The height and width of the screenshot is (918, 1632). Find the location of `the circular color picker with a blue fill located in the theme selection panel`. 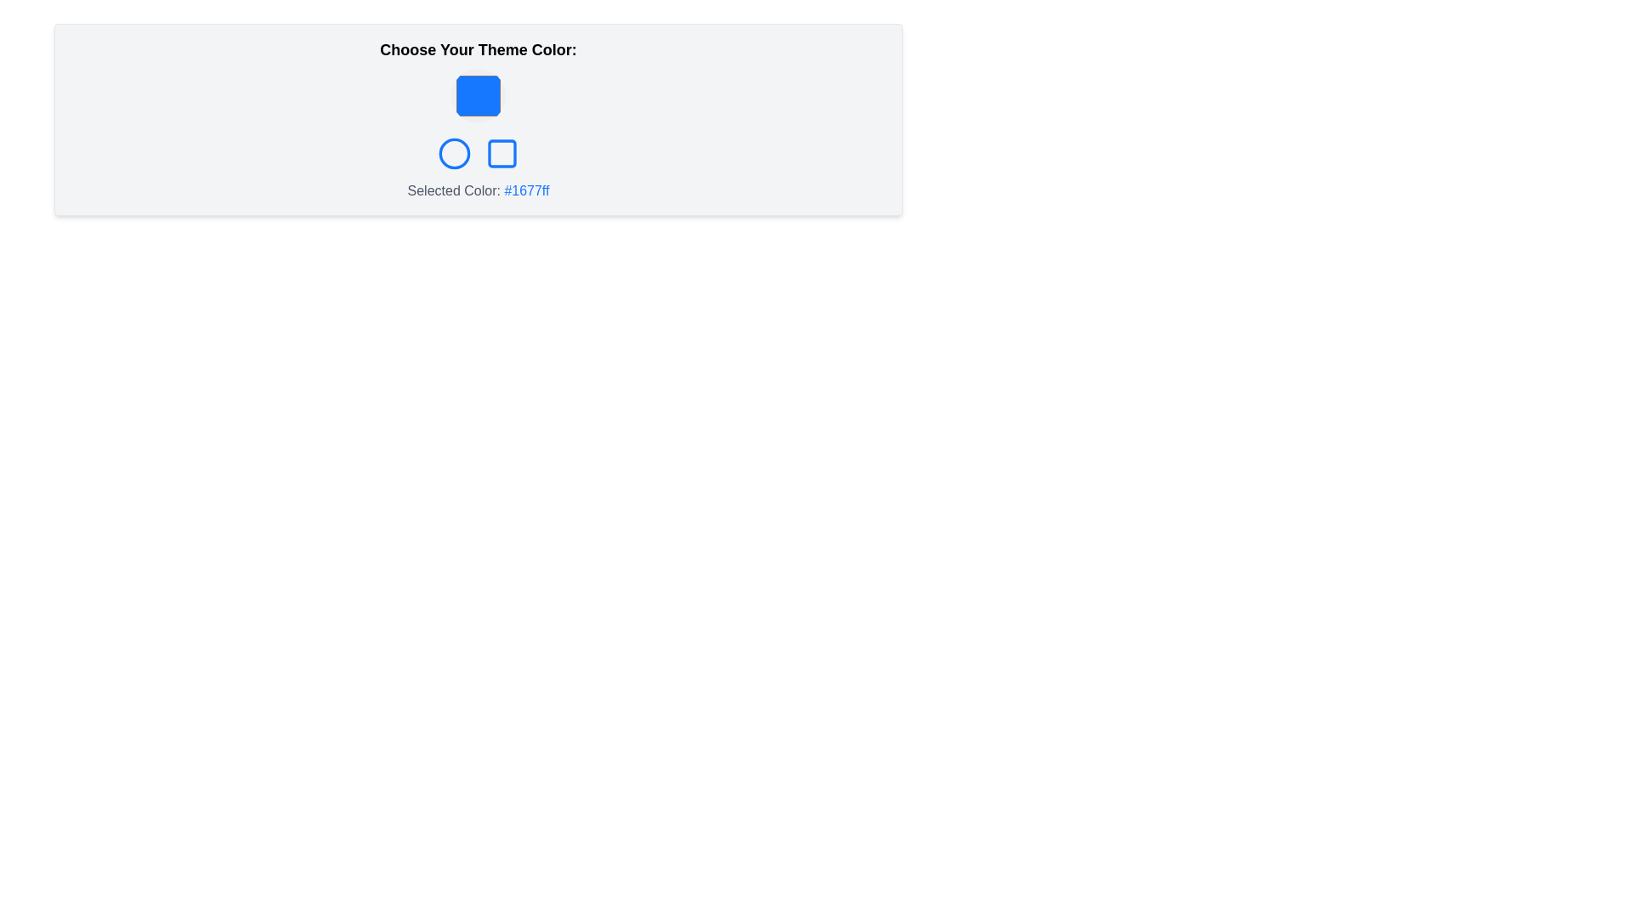

the circular color picker with a blue fill located in the theme selection panel is located at coordinates (477, 95).